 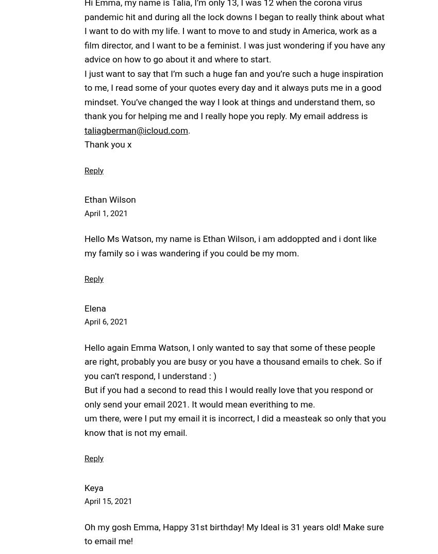 I want to click on 'Hello Ms Watson, my name is Ethan Wilson, i am addoppted and i dont like my family so i was wandering if you could be my mom.', so click(x=230, y=245).